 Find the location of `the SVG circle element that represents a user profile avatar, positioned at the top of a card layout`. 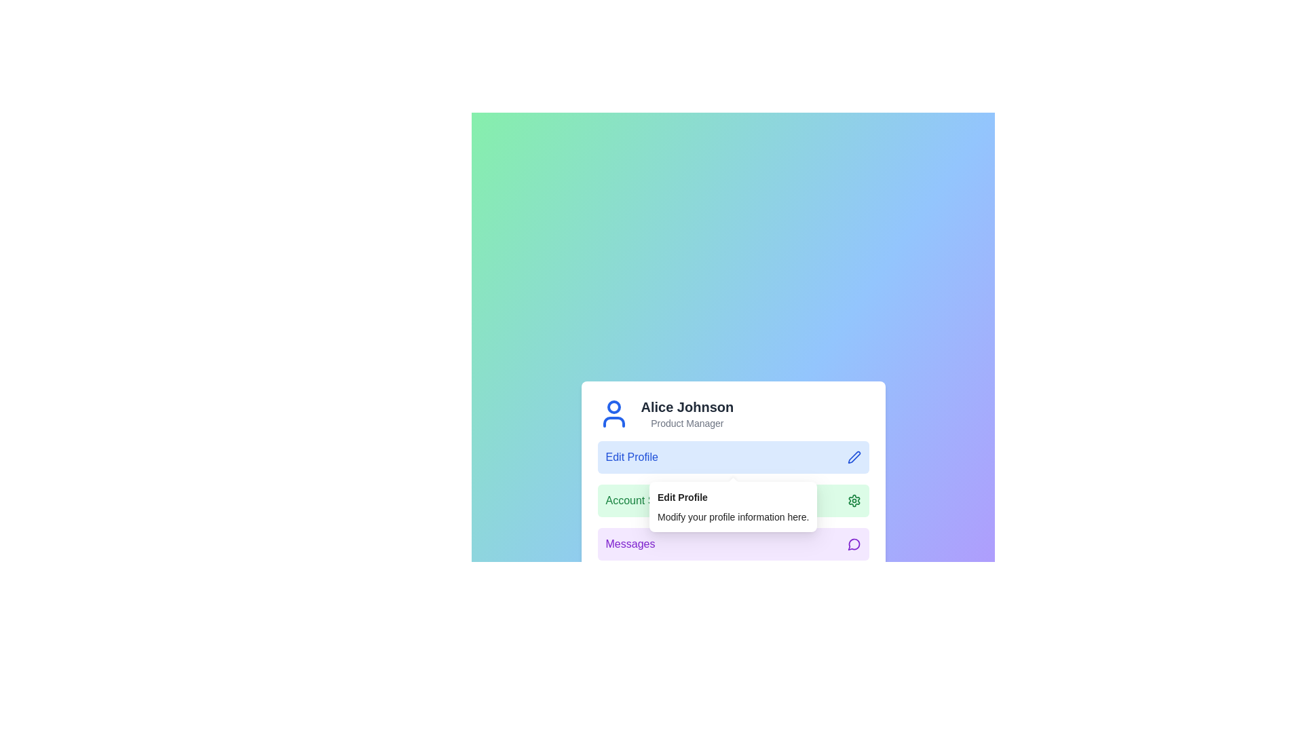

the SVG circle element that represents a user profile avatar, positioned at the top of a card layout is located at coordinates (613, 407).